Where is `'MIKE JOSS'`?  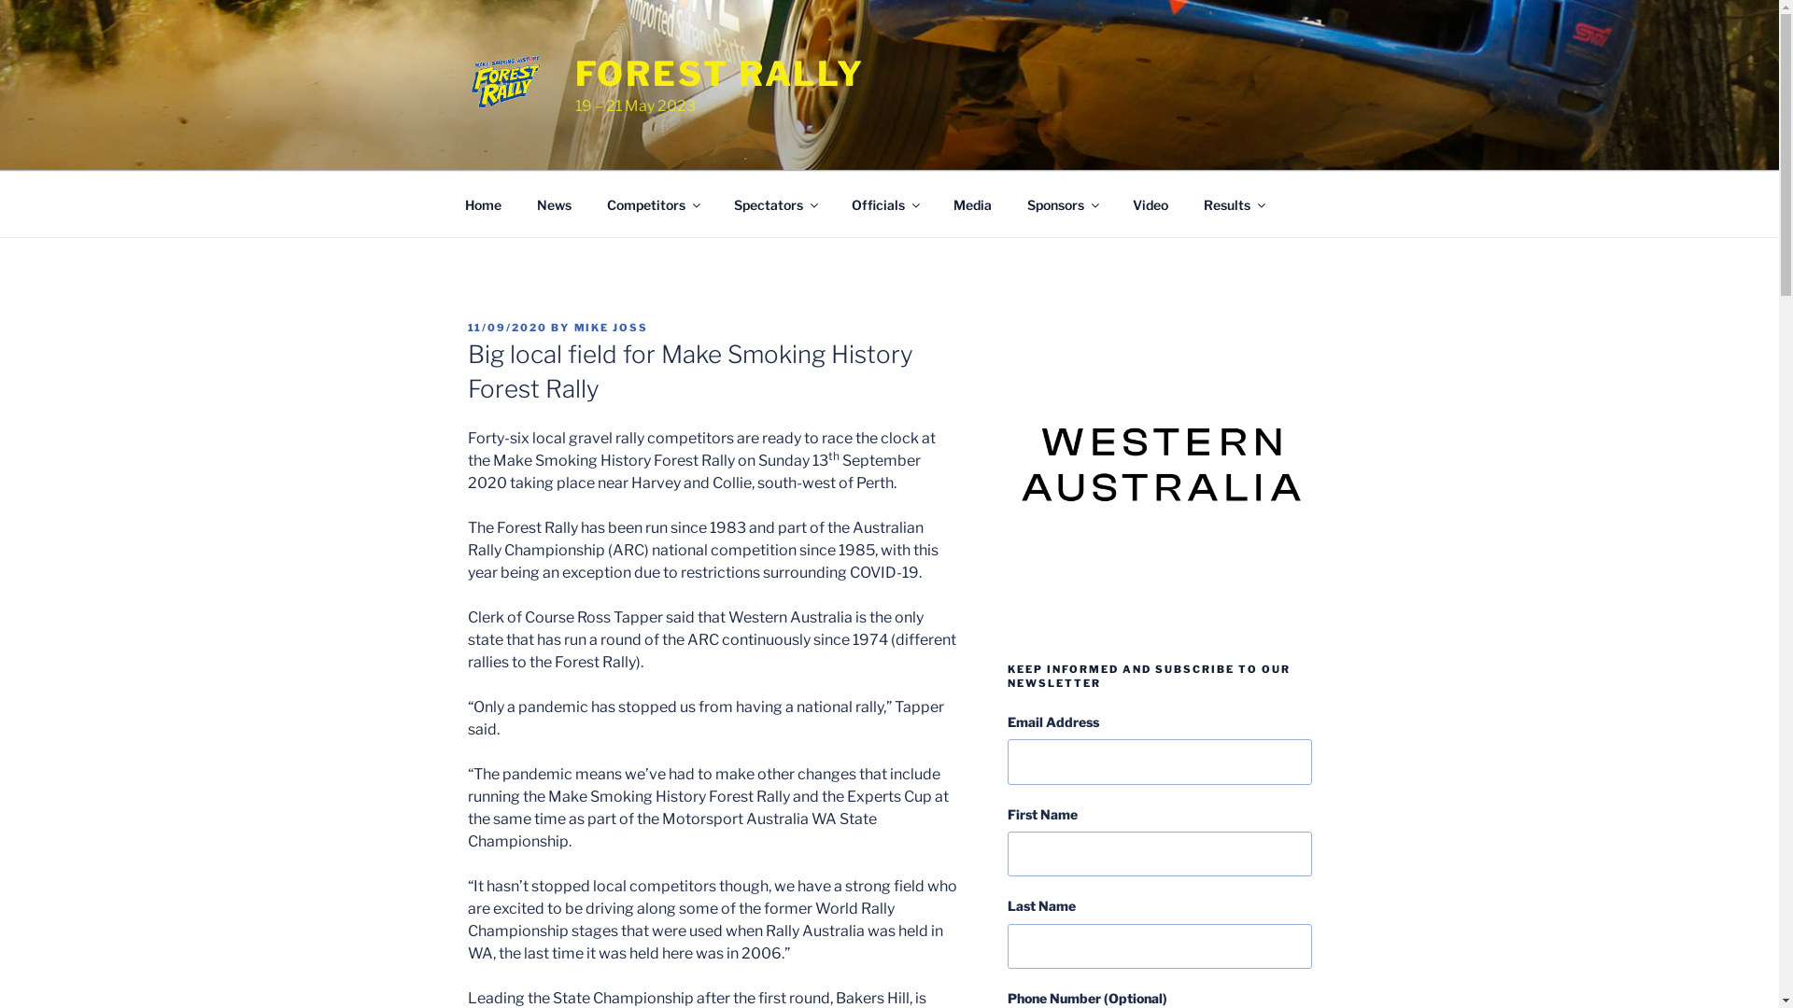 'MIKE JOSS' is located at coordinates (610, 327).